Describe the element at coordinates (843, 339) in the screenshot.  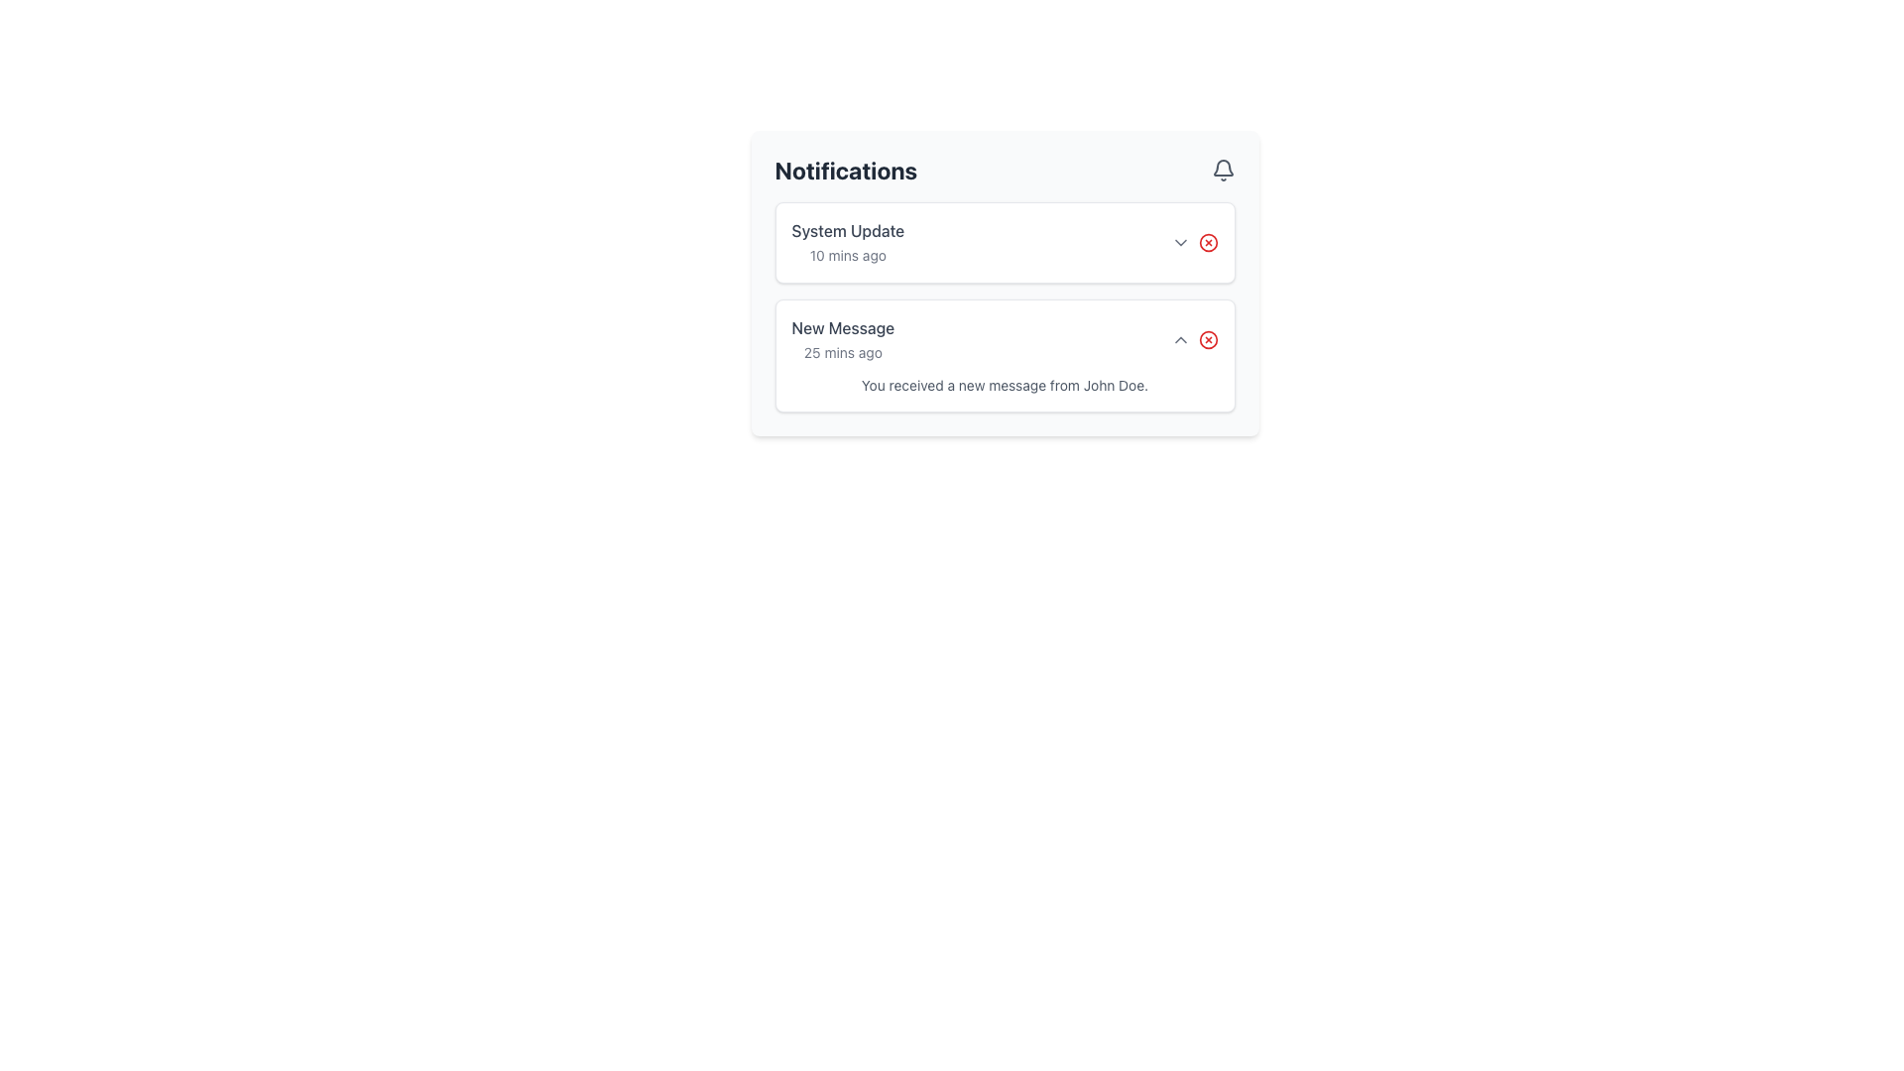
I see `the text block that displays 'New Message' and '25 mins ago' in the second notification card of the notifications list` at that location.